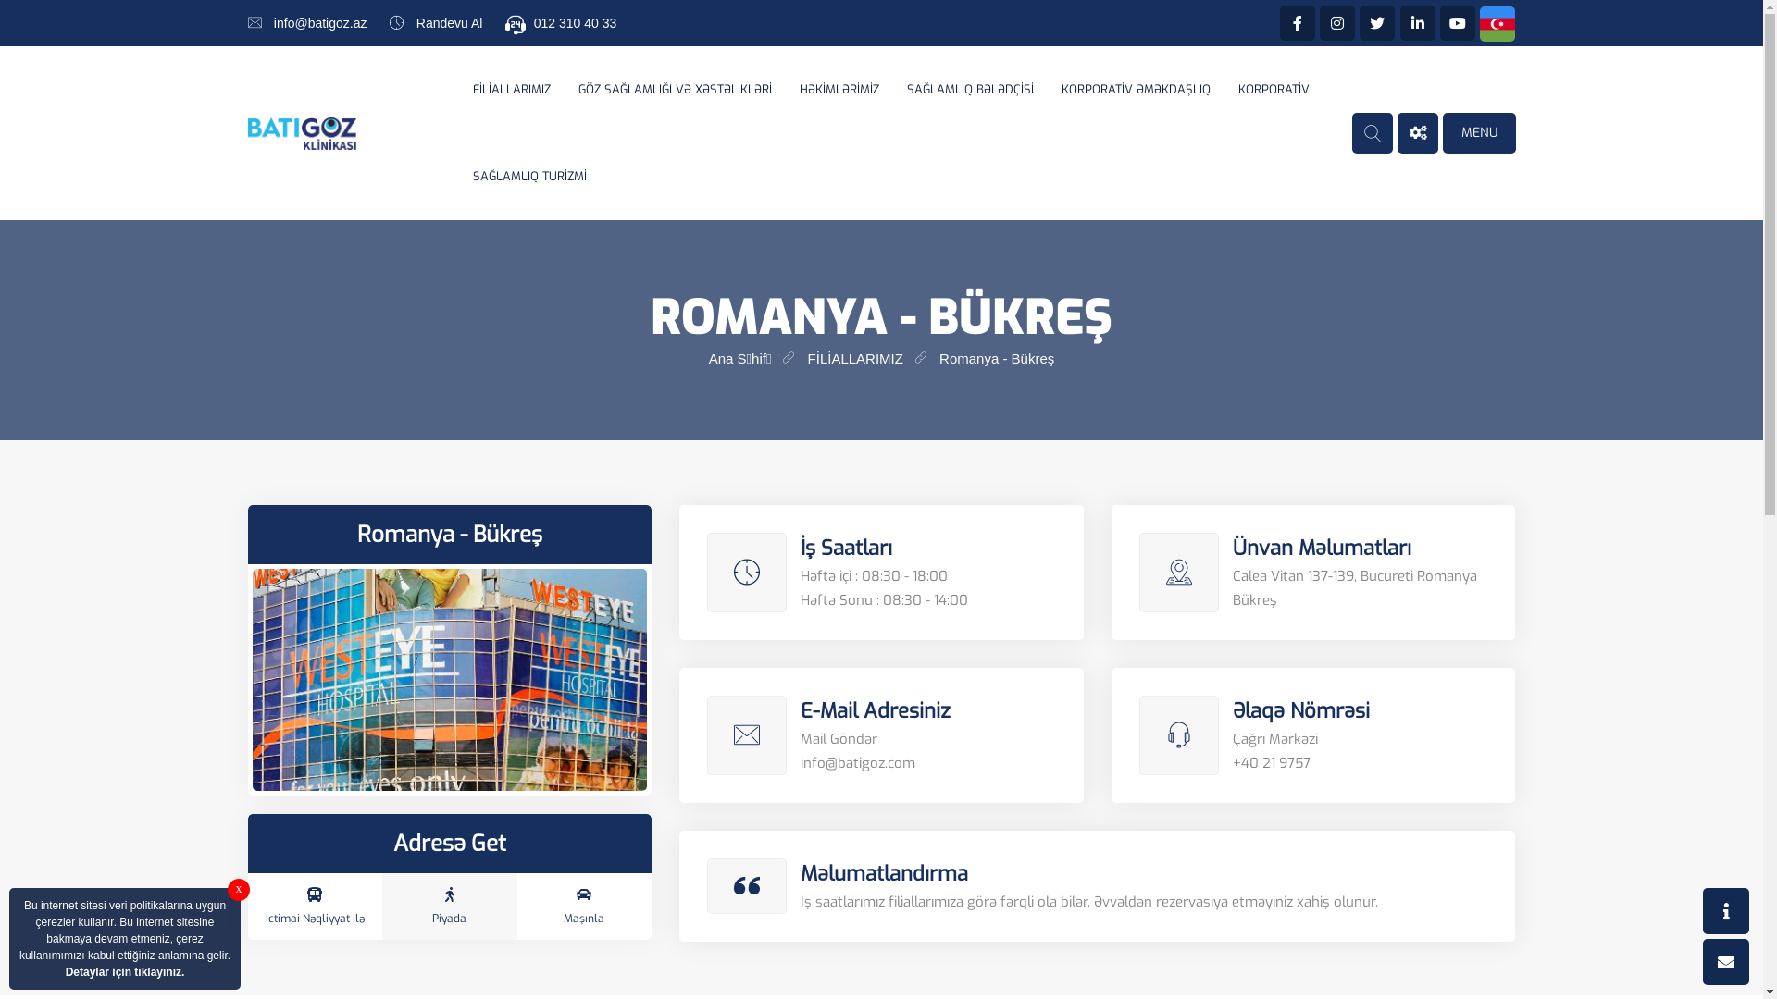 This screenshot has width=1777, height=999. What do you see at coordinates (273, 22) in the screenshot?
I see `'info@batigoz.az'` at bounding box center [273, 22].